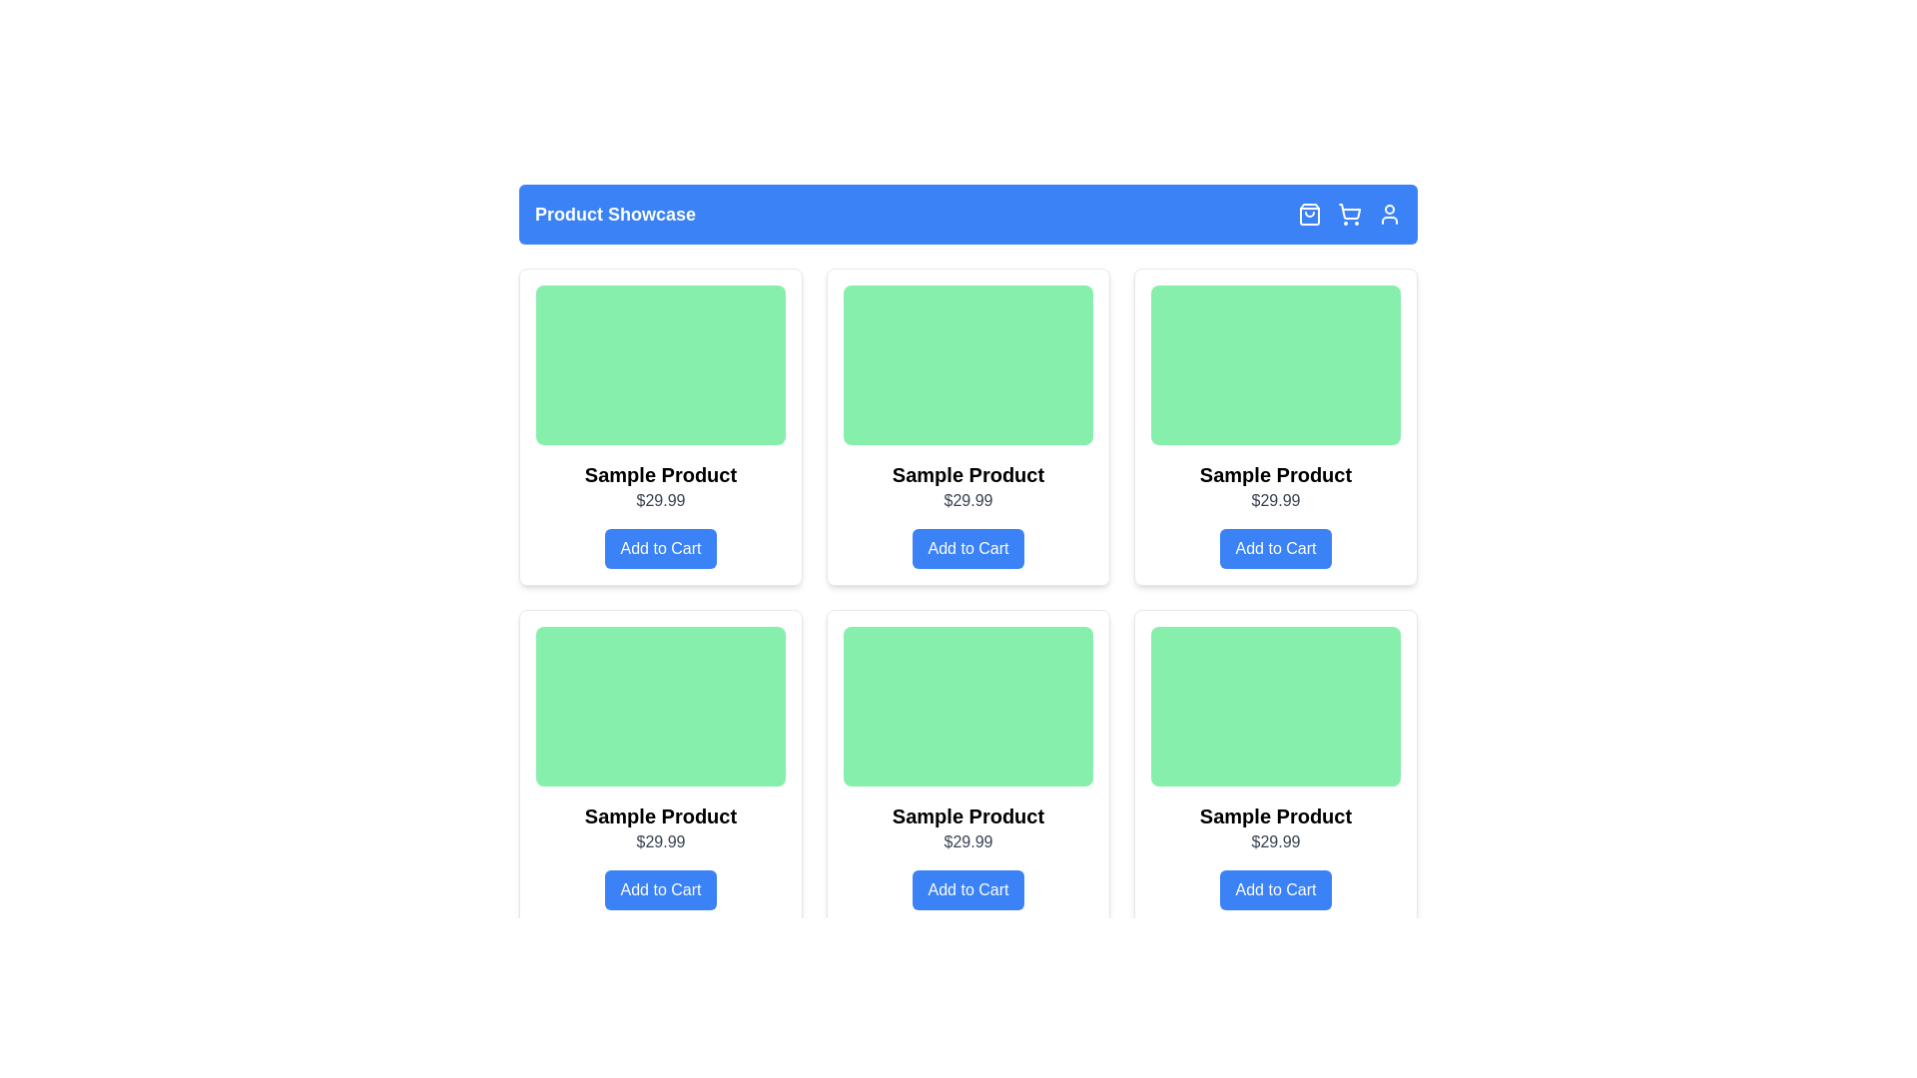  I want to click on the 'Add to Cart' button located at the bottom of the product card, so click(967, 888).